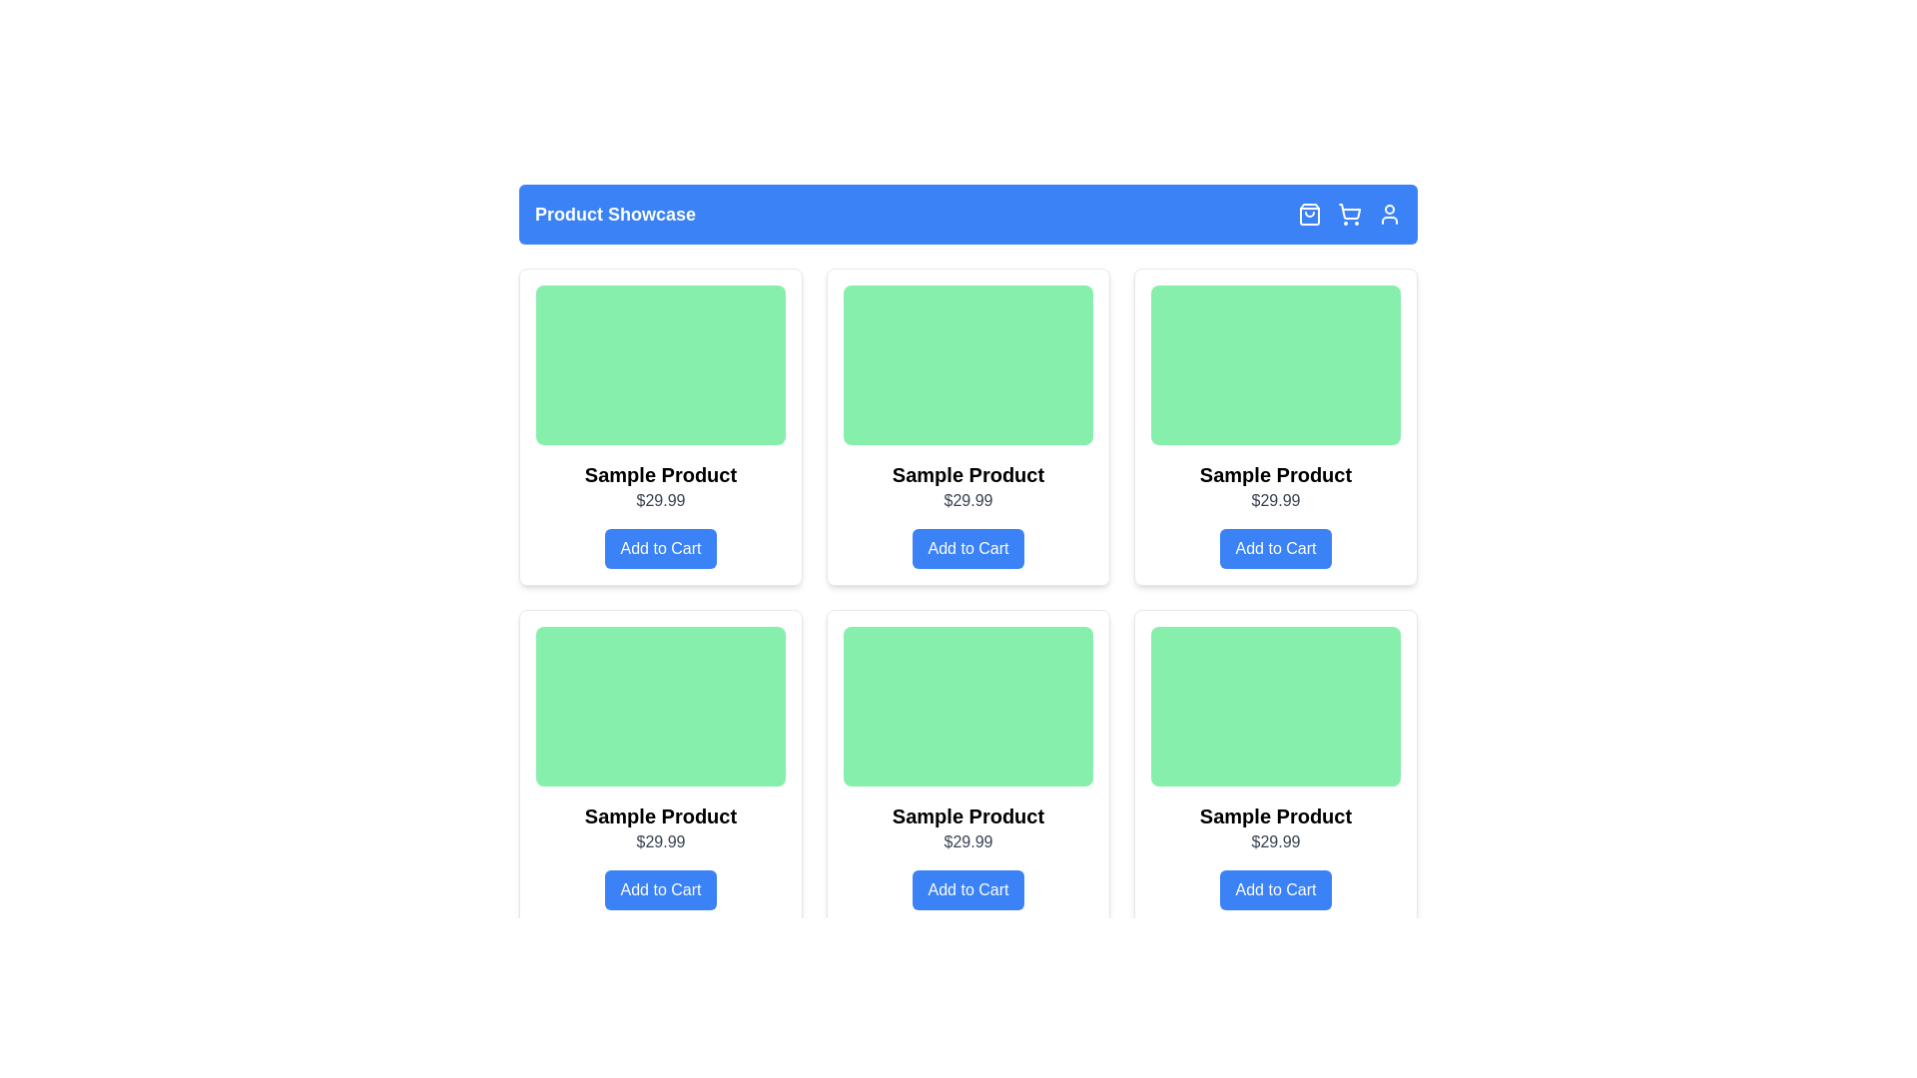  I want to click on the 'Add to Cart' button located at the bottom of the product card, so click(967, 888).